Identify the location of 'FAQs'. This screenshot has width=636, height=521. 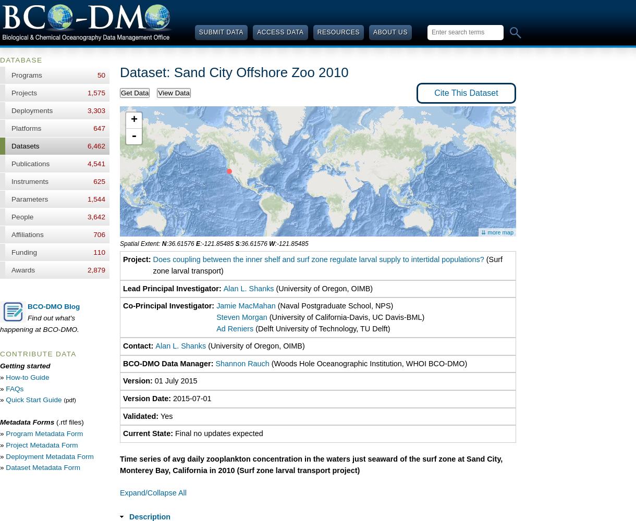
(15, 388).